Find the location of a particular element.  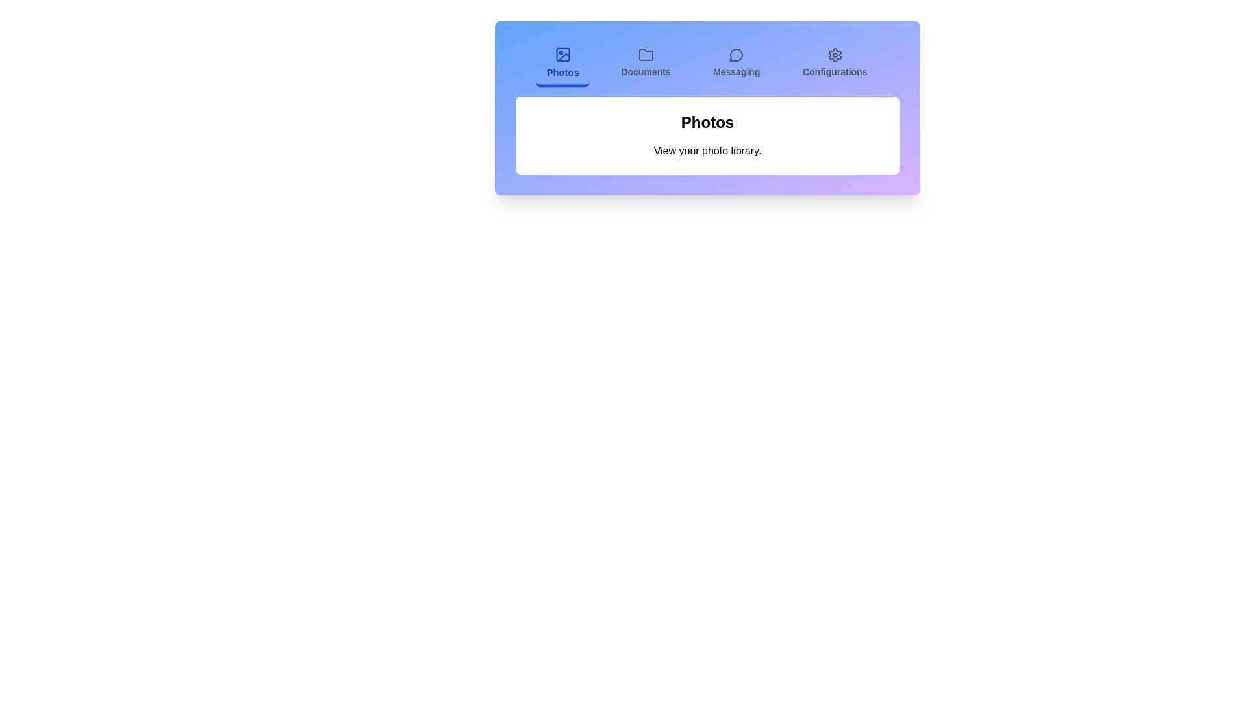

the tab labeled Photos to view its content is located at coordinates (563, 64).